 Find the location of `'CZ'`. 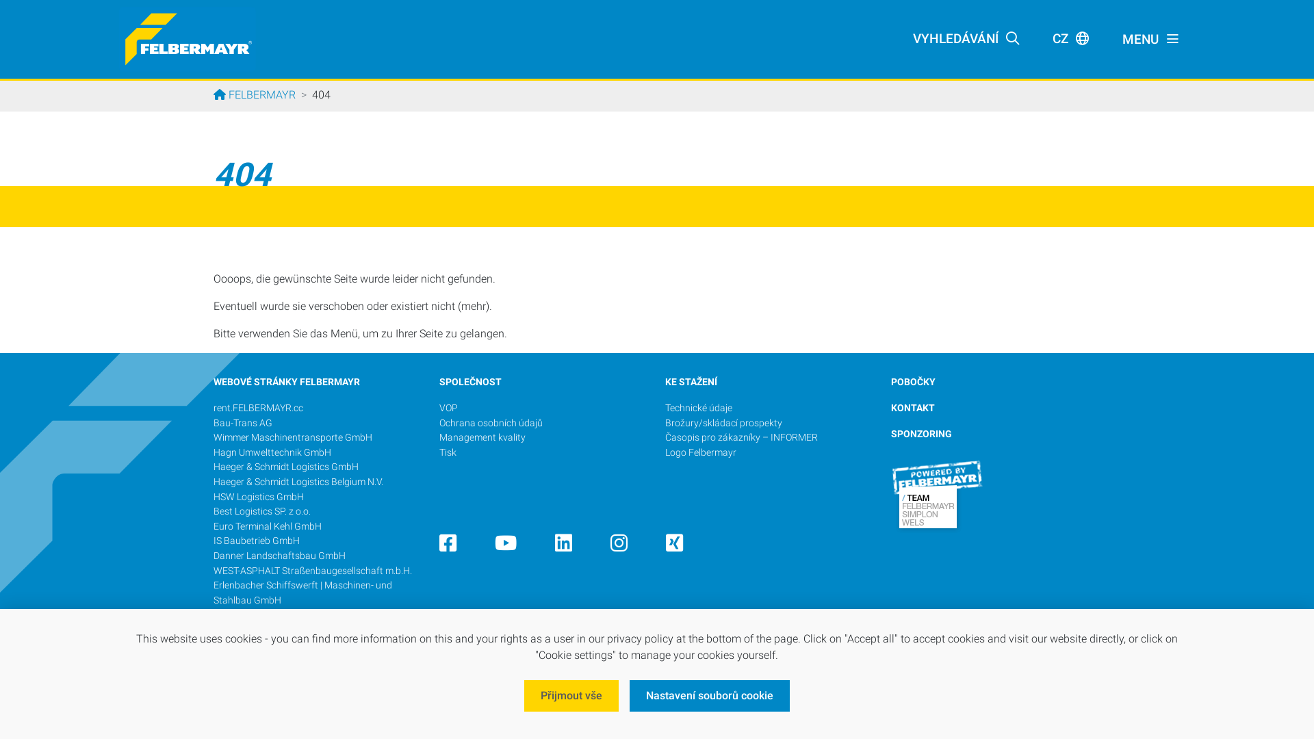

'CZ' is located at coordinates (1070, 38).